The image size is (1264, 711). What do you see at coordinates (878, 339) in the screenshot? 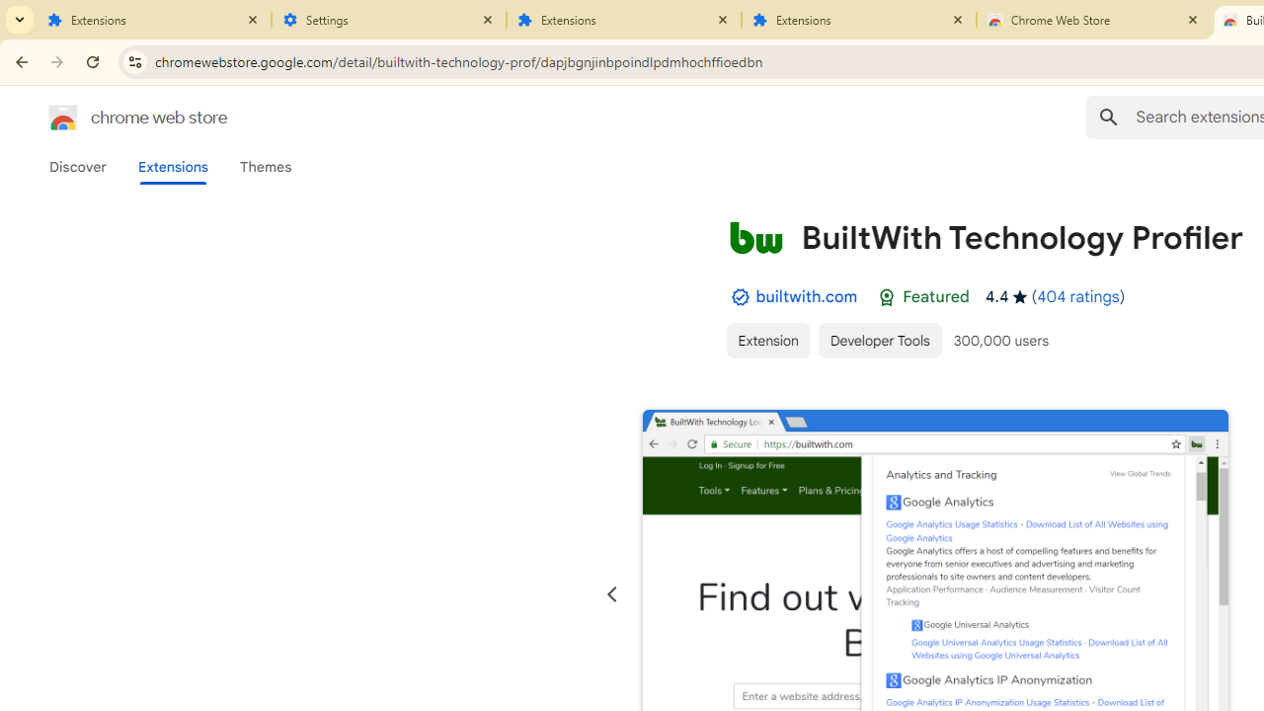
I see `'Developer Tools'` at bounding box center [878, 339].